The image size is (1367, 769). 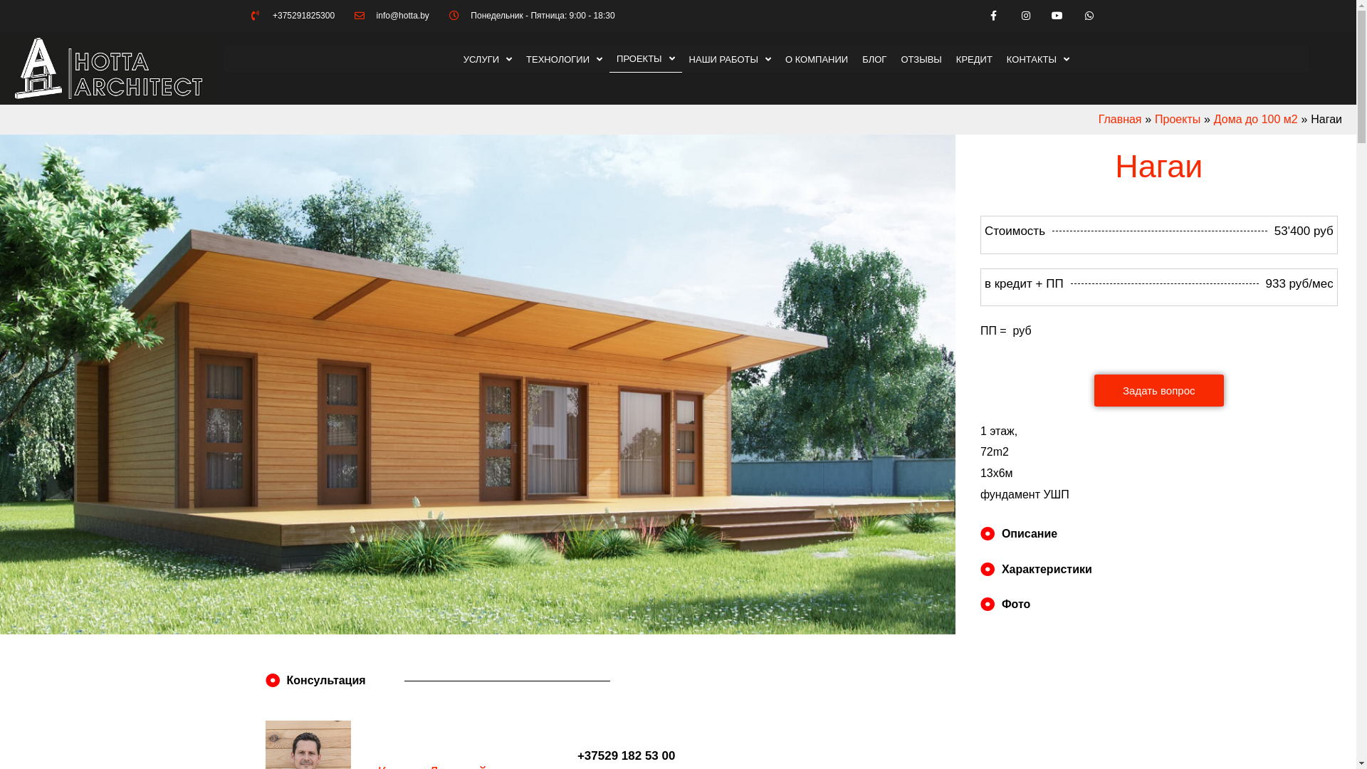 I want to click on '+37529 182 53 00', so click(x=619, y=755).